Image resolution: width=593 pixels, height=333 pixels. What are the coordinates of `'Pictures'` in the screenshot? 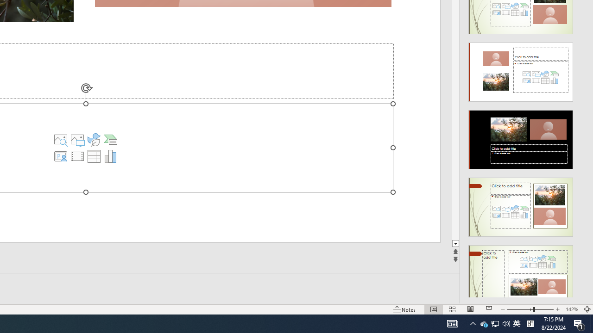 It's located at (77, 140).